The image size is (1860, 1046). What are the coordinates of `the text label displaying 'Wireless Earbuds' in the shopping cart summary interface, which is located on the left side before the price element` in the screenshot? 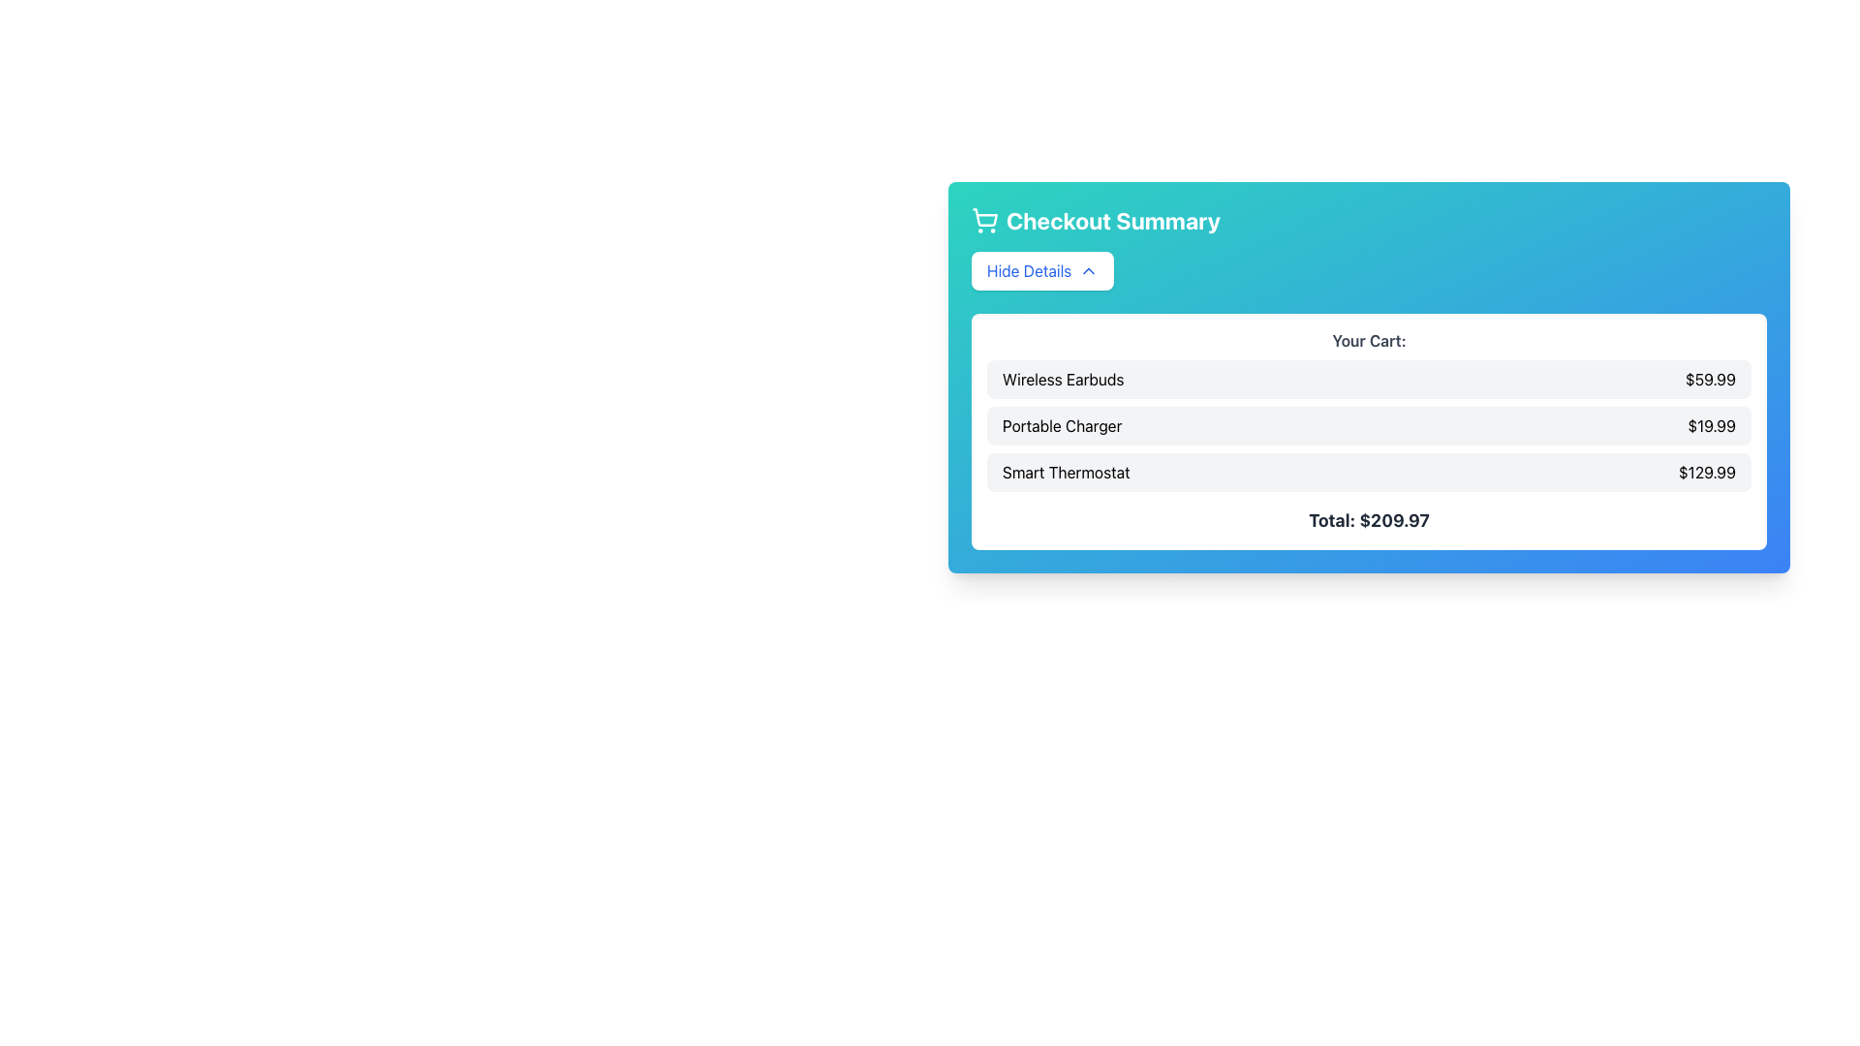 It's located at (1062, 380).